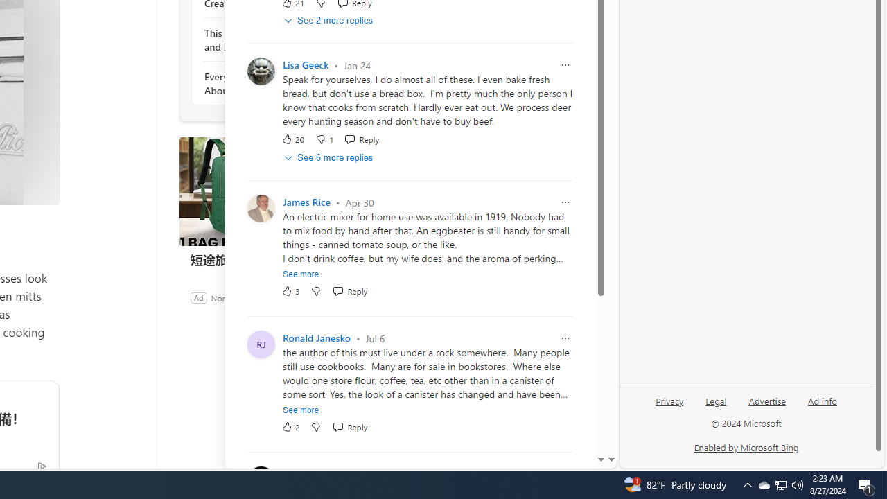  I want to click on '20 Like', so click(292, 139).